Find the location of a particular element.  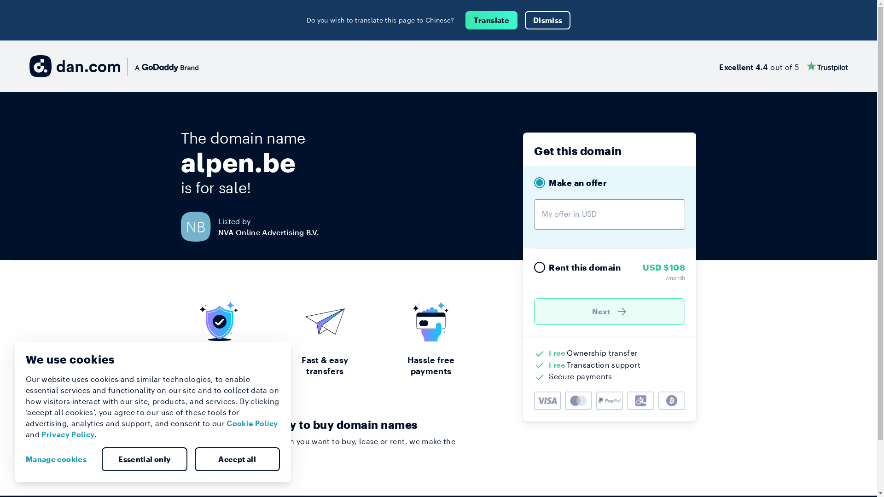

'Cookie Policy' is located at coordinates (252, 423).